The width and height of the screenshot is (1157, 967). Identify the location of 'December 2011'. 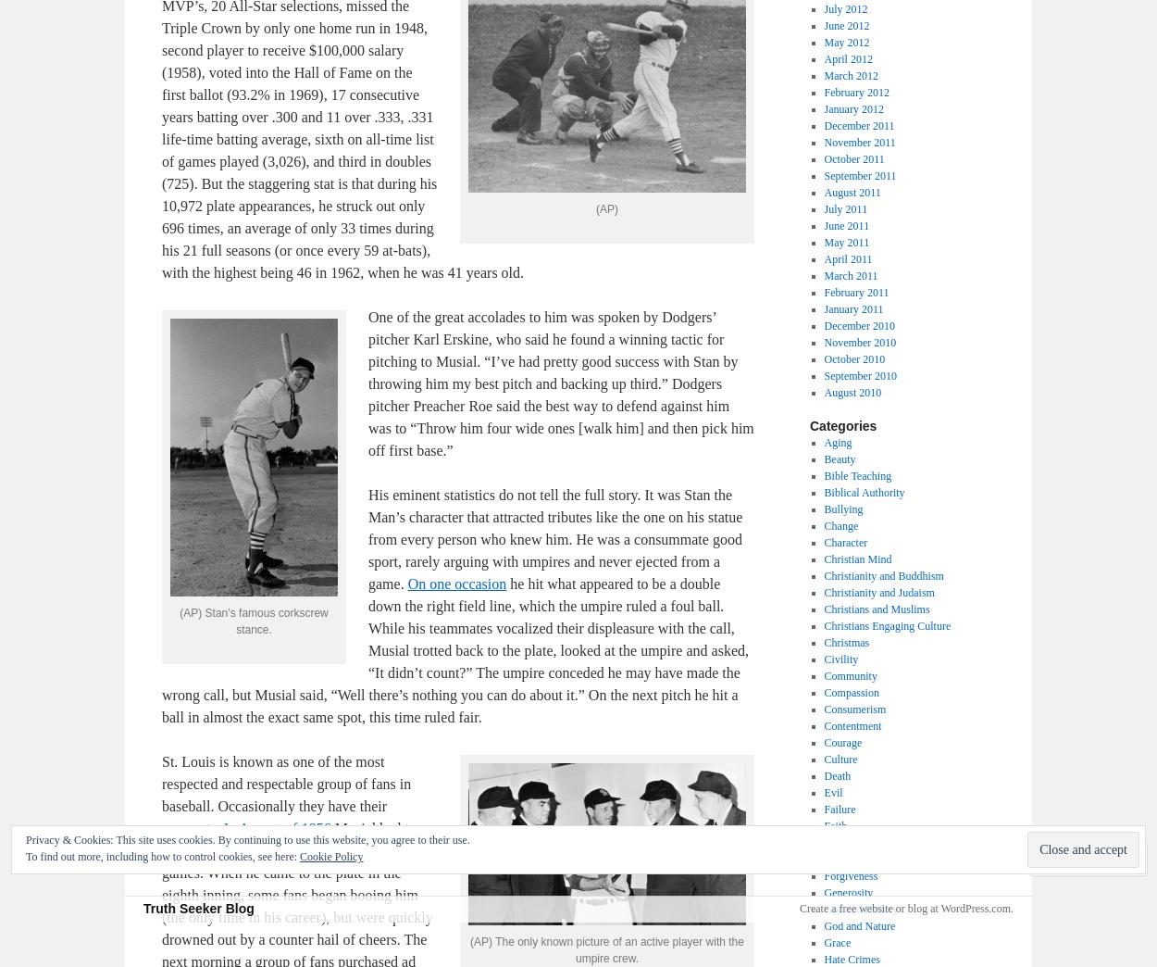
(858, 125).